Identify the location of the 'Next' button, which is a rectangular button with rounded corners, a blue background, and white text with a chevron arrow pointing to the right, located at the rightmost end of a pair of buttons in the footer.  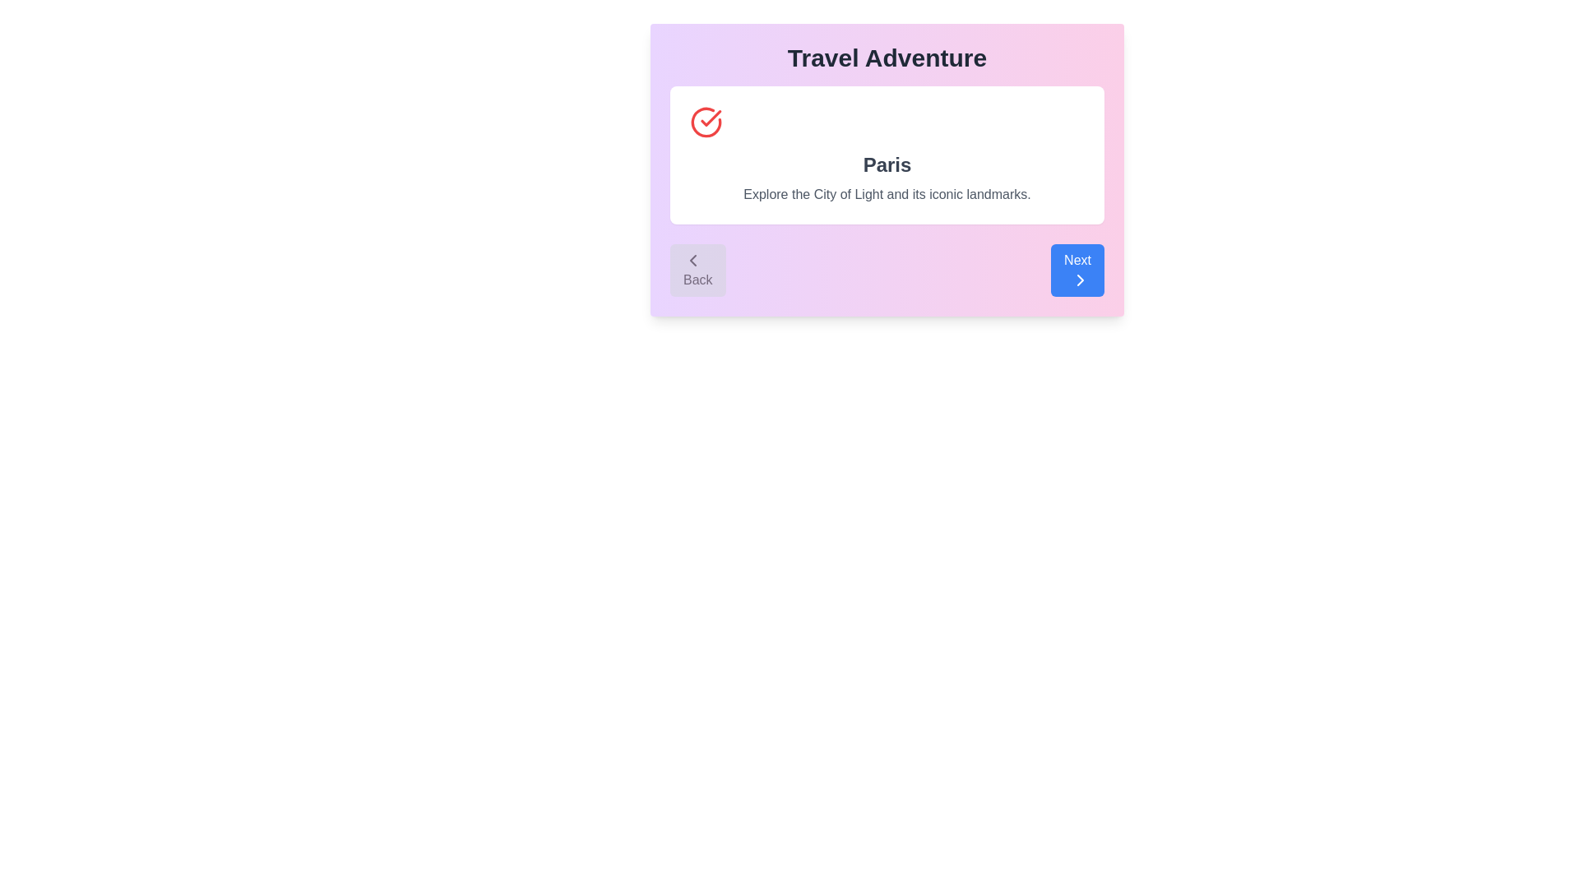
(1077, 269).